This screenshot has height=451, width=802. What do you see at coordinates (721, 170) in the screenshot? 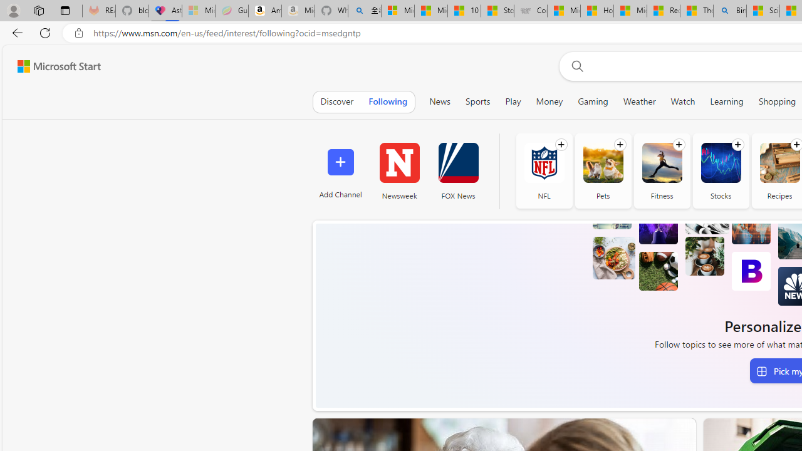
I see `'Stocks'` at bounding box center [721, 170].